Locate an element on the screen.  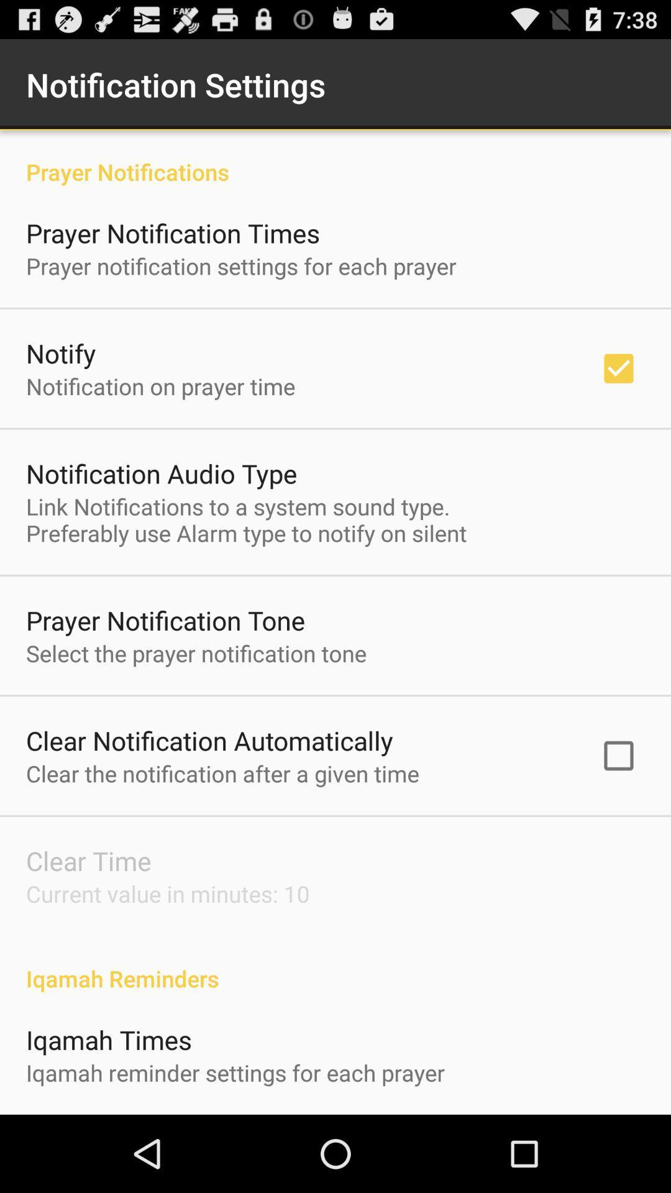
link notifications to item is located at coordinates (246, 519).